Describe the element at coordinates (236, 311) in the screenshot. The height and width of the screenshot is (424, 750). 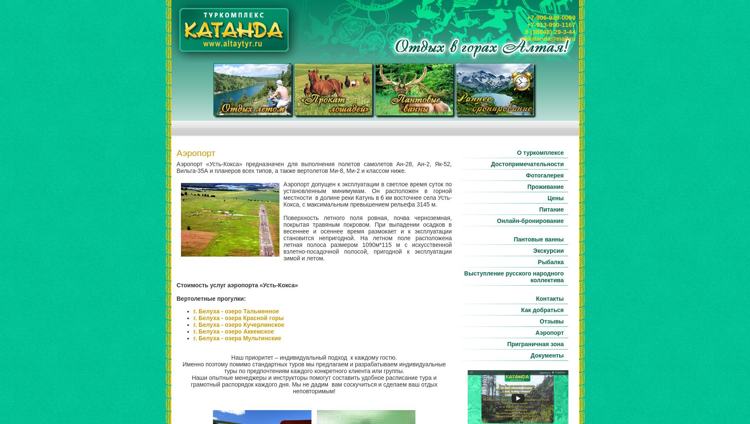
I see `'г. Белуха - озеро Тальменное'` at that location.